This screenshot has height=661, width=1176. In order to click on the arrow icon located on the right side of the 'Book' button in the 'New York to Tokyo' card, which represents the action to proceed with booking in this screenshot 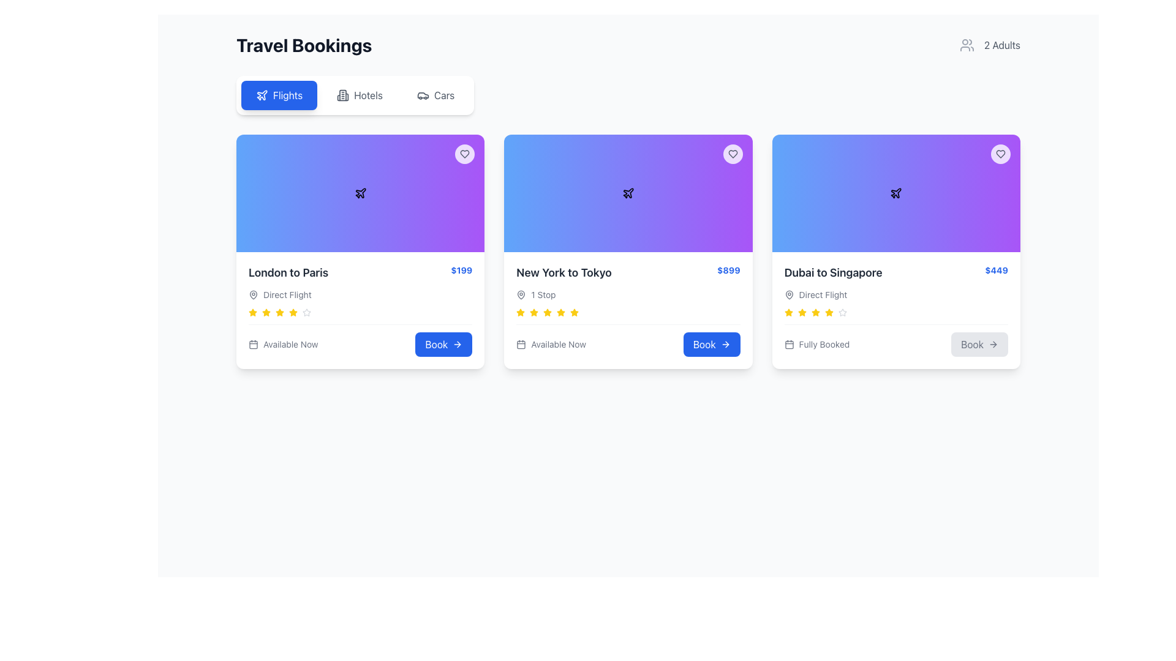, I will do `click(725, 345)`.